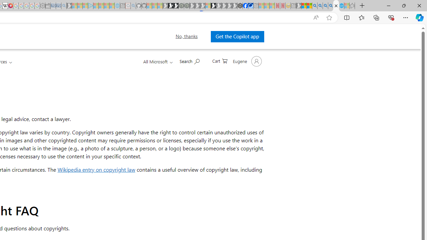  What do you see at coordinates (341, 6) in the screenshot?
I see `'Services - Maintenance | Sky Blue Bikes - Sky Blue Bikes'` at bounding box center [341, 6].